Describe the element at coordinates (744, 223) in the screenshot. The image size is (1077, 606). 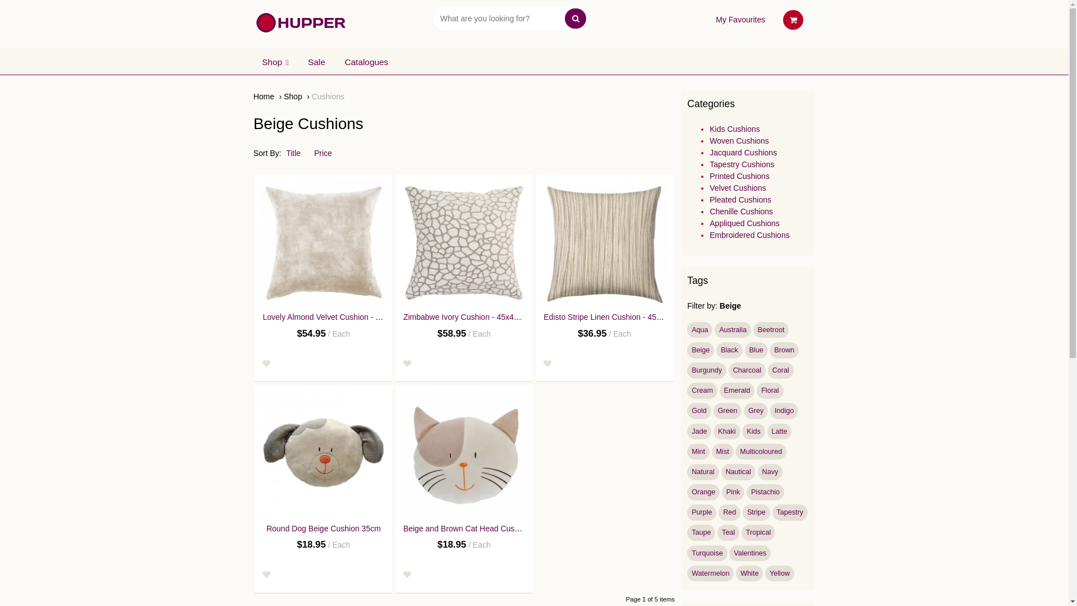
I see `'Appliqued Cushions'` at that location.